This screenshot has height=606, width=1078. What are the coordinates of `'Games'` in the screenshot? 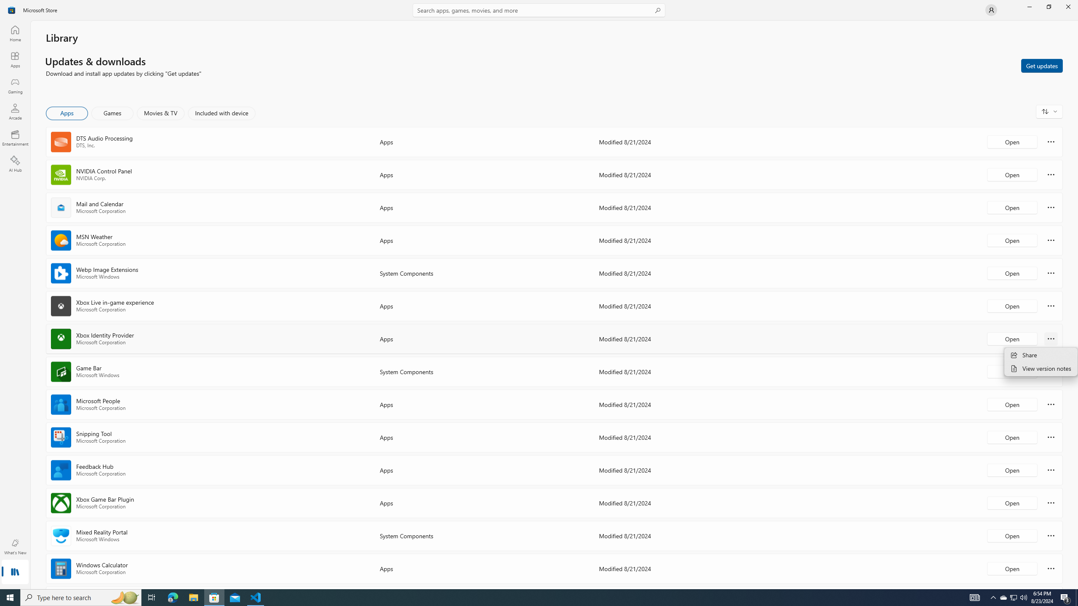 It's located at (112, 113).